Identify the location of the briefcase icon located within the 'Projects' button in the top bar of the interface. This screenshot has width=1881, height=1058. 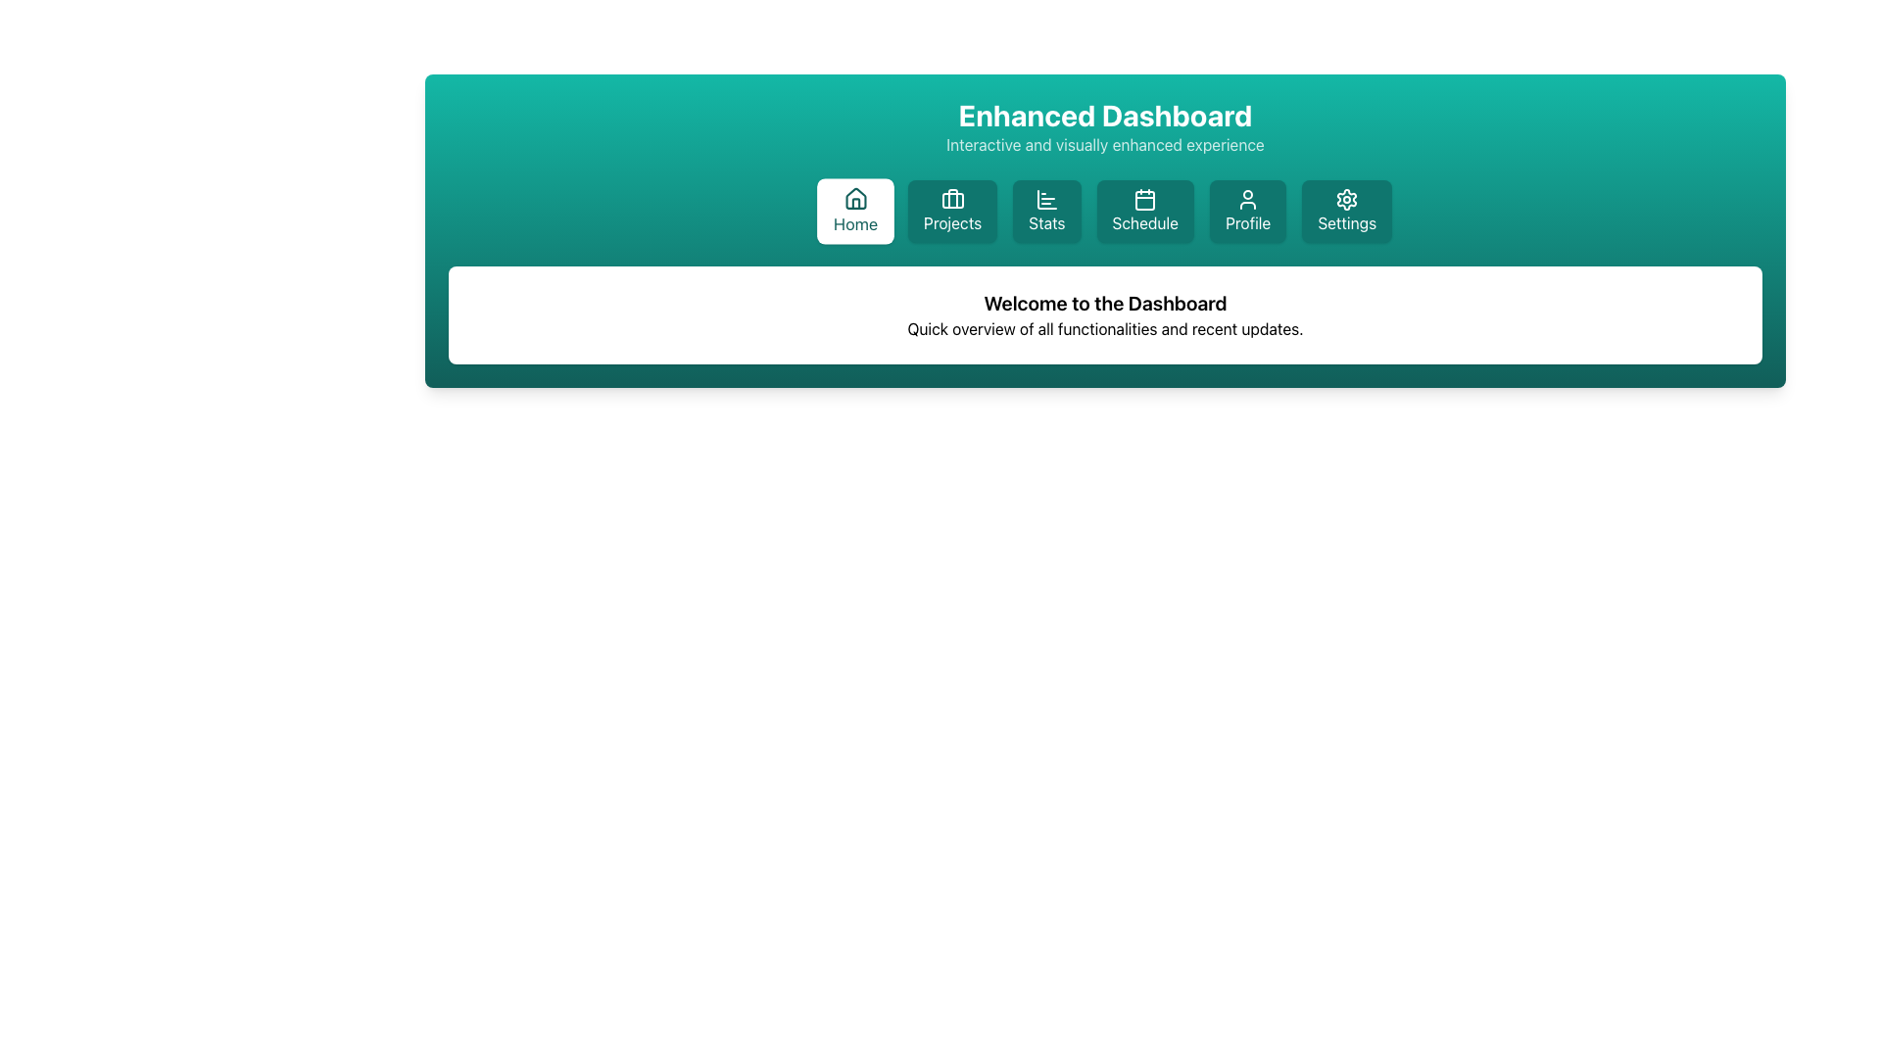
(952, 200).